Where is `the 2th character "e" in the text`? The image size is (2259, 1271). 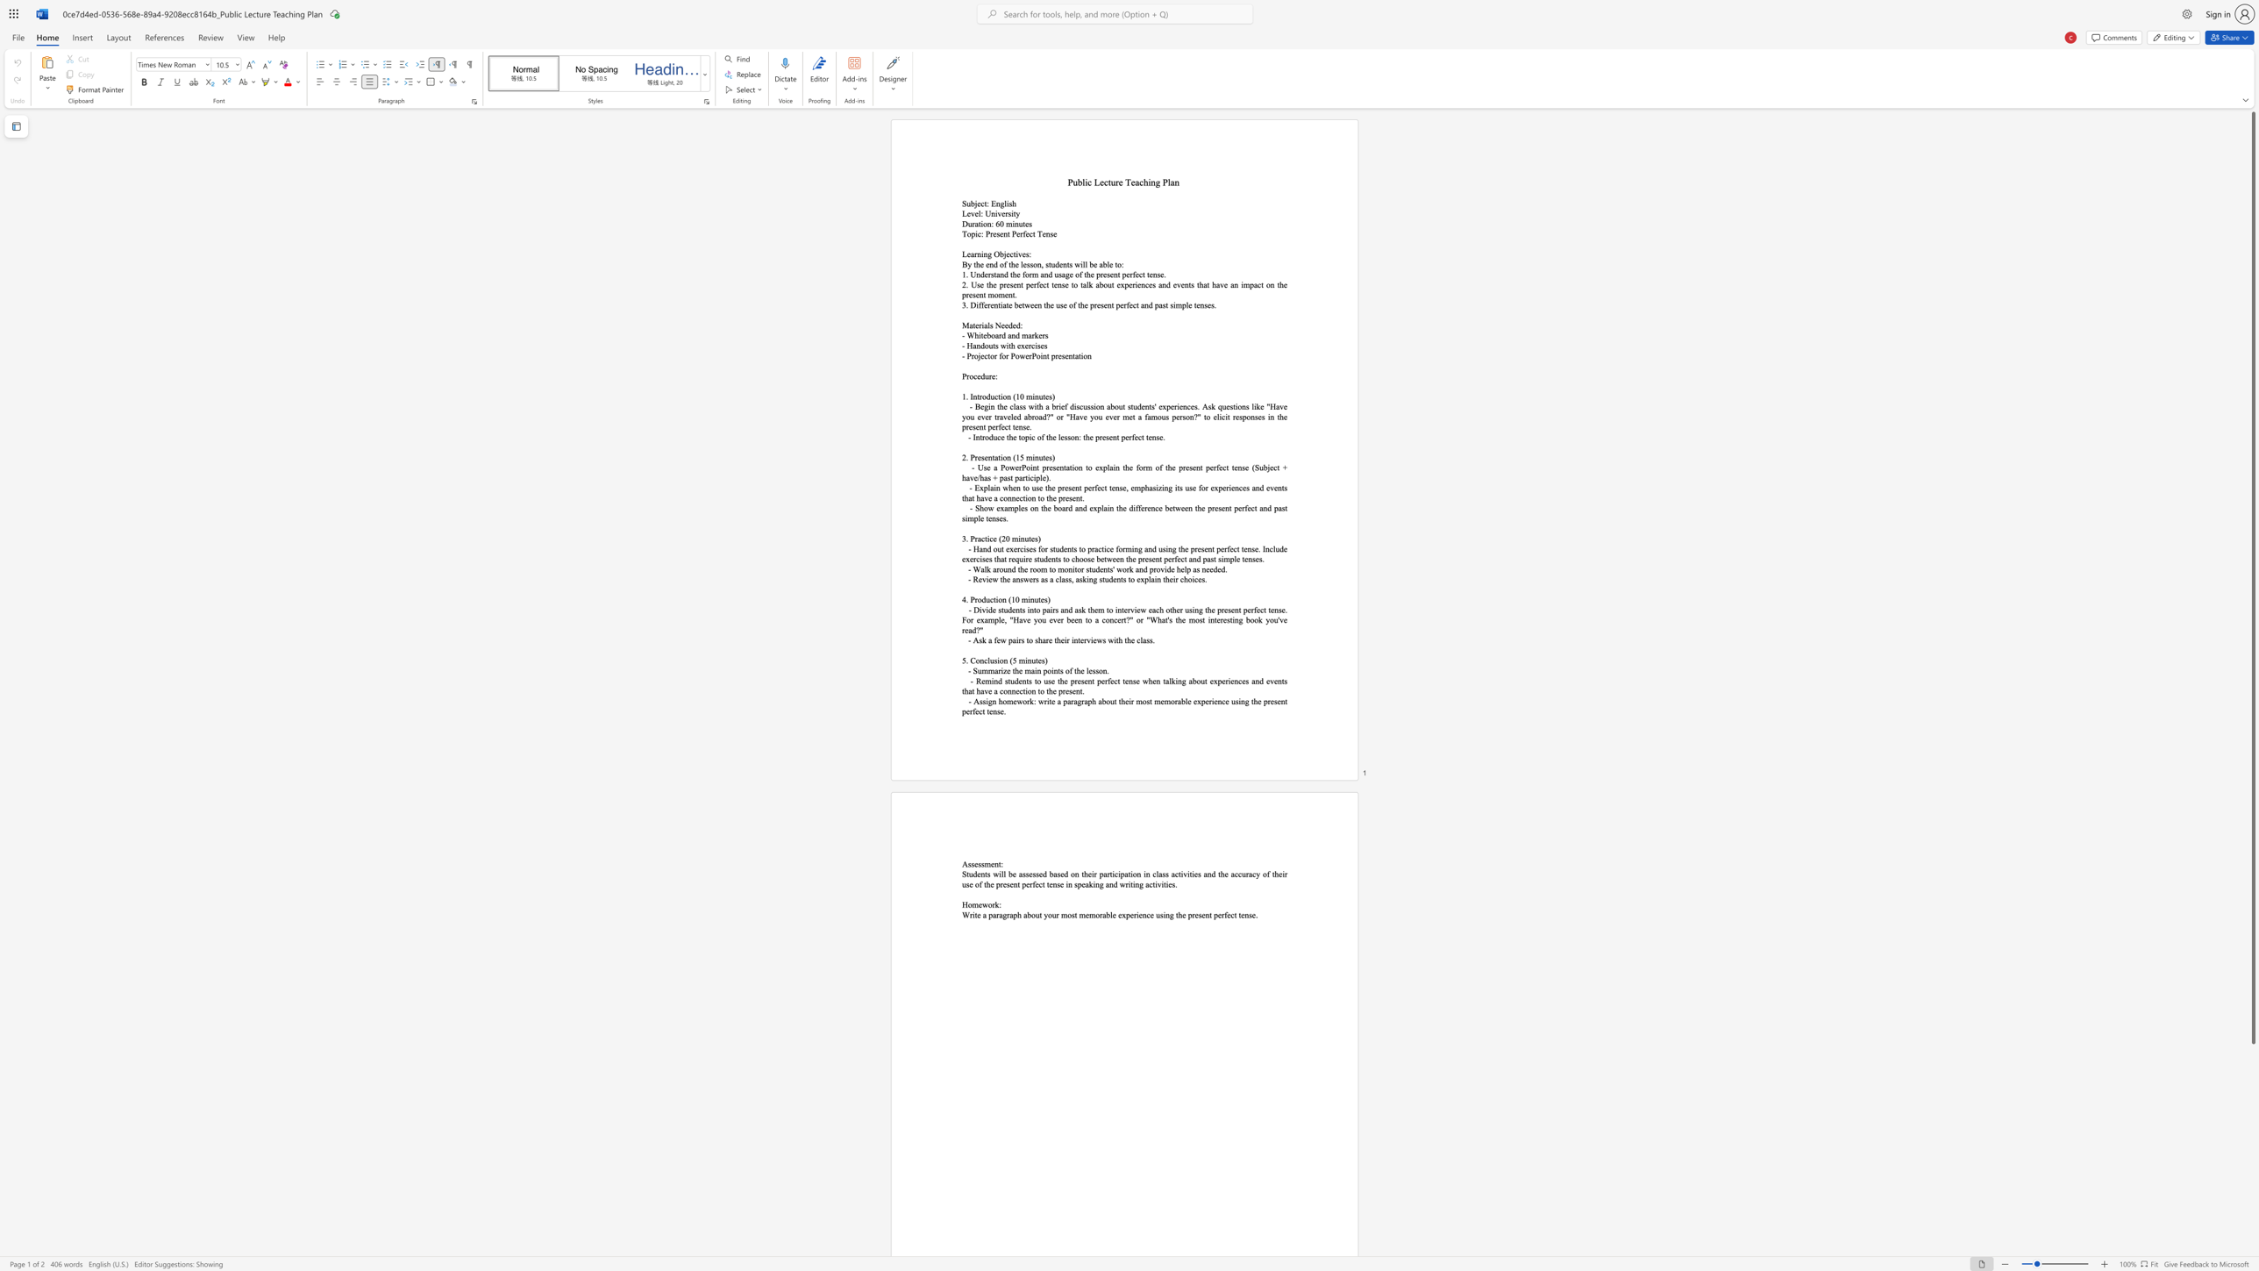 the 2th character "e" in the text is located at coordinates (991, 864).